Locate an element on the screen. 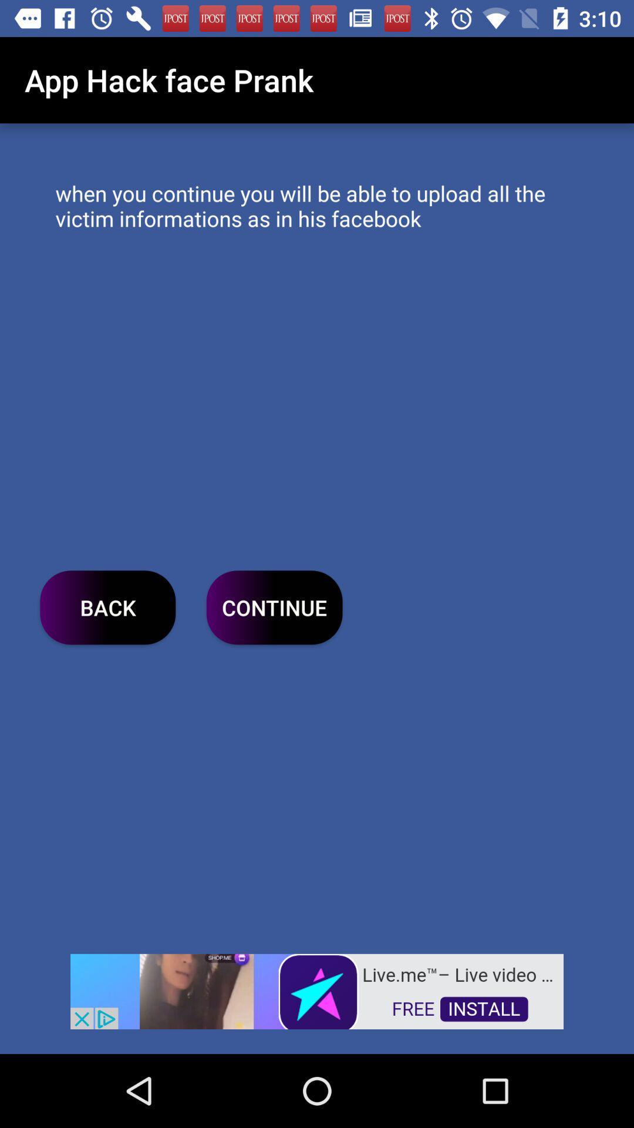 The height and width of the screenshot is (1128, 634). advertisement link image is located at coordinates (317, 990).